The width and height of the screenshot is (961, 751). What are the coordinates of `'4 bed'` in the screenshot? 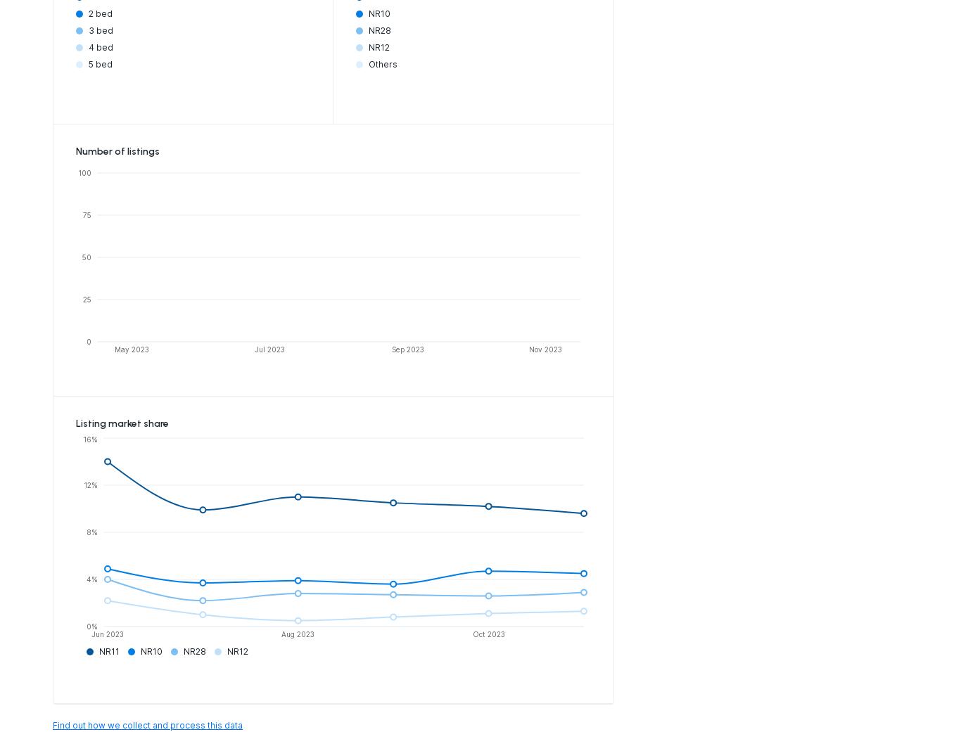 It's located at (87, 46).